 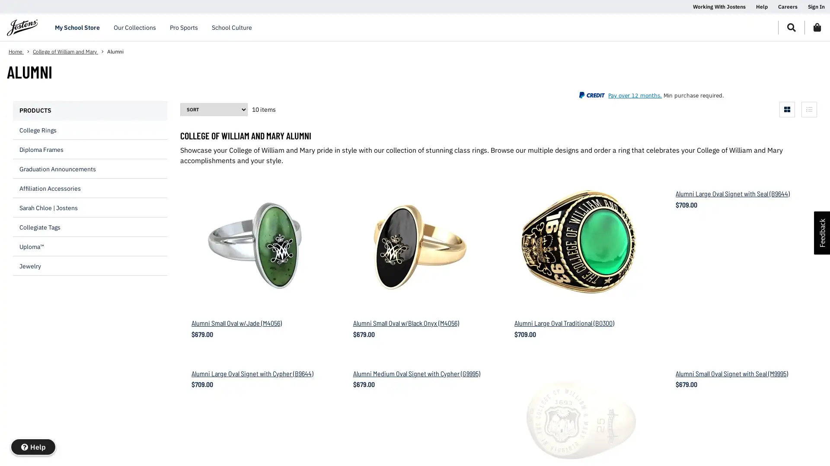 I want to click on Our Collections, so click(x=134, y=27).